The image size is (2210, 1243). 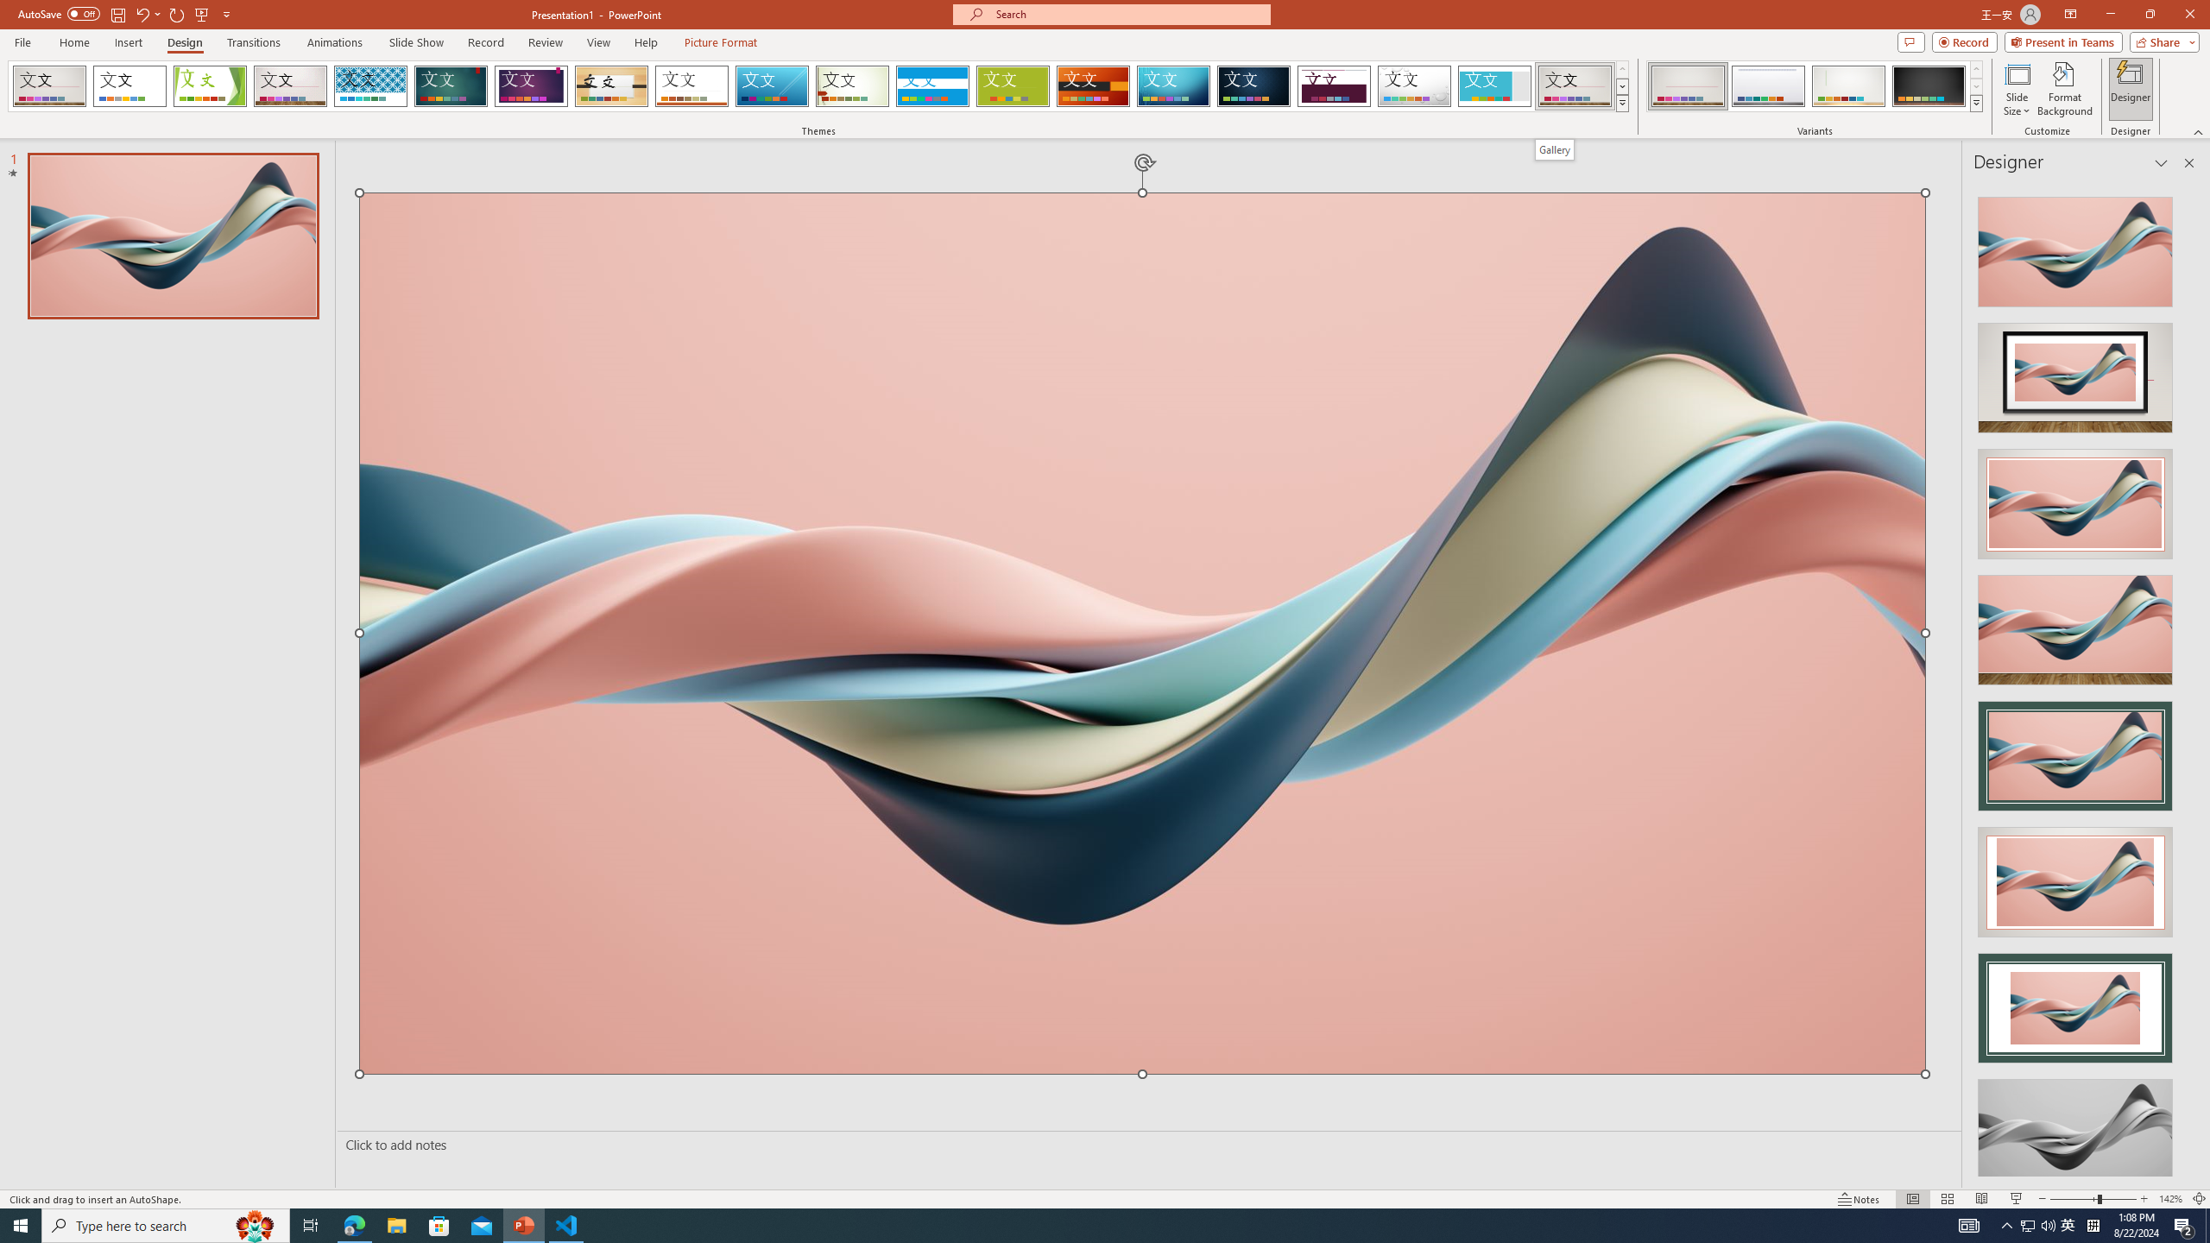 What do you see at coordinates (1094, 85) in the screenshot?
I see `'Berlin'` at bounding box center [1094, 85].